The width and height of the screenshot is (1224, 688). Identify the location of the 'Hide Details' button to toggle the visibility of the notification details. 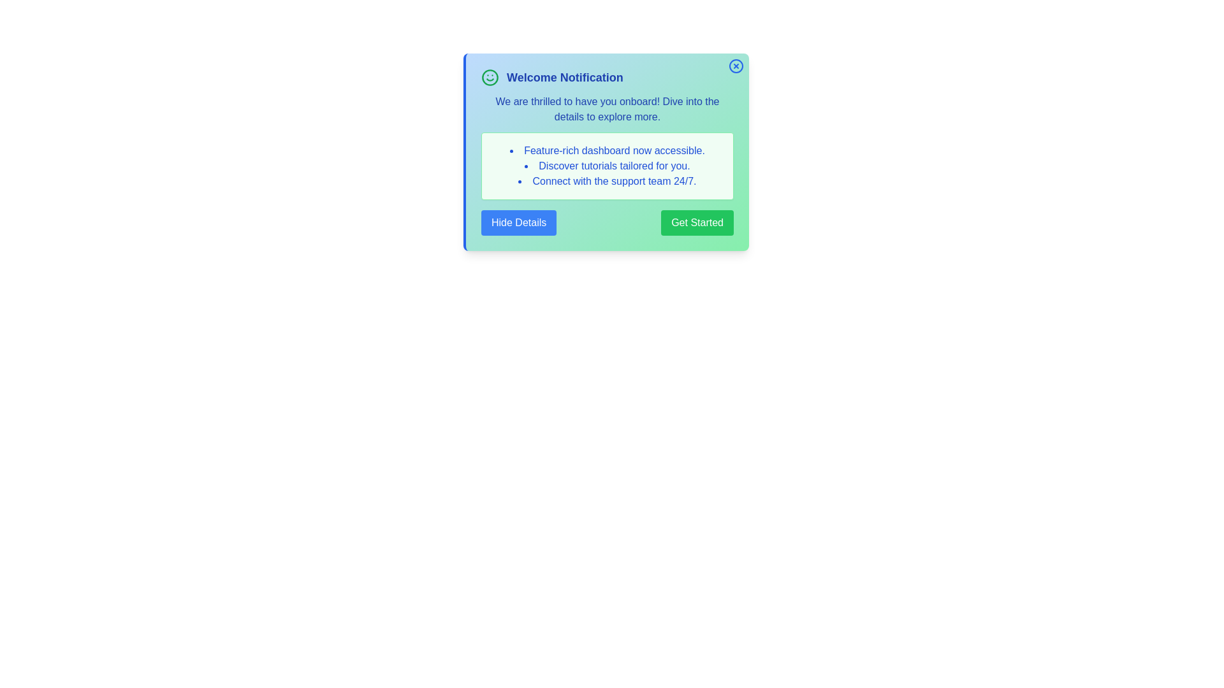
(519, 222).